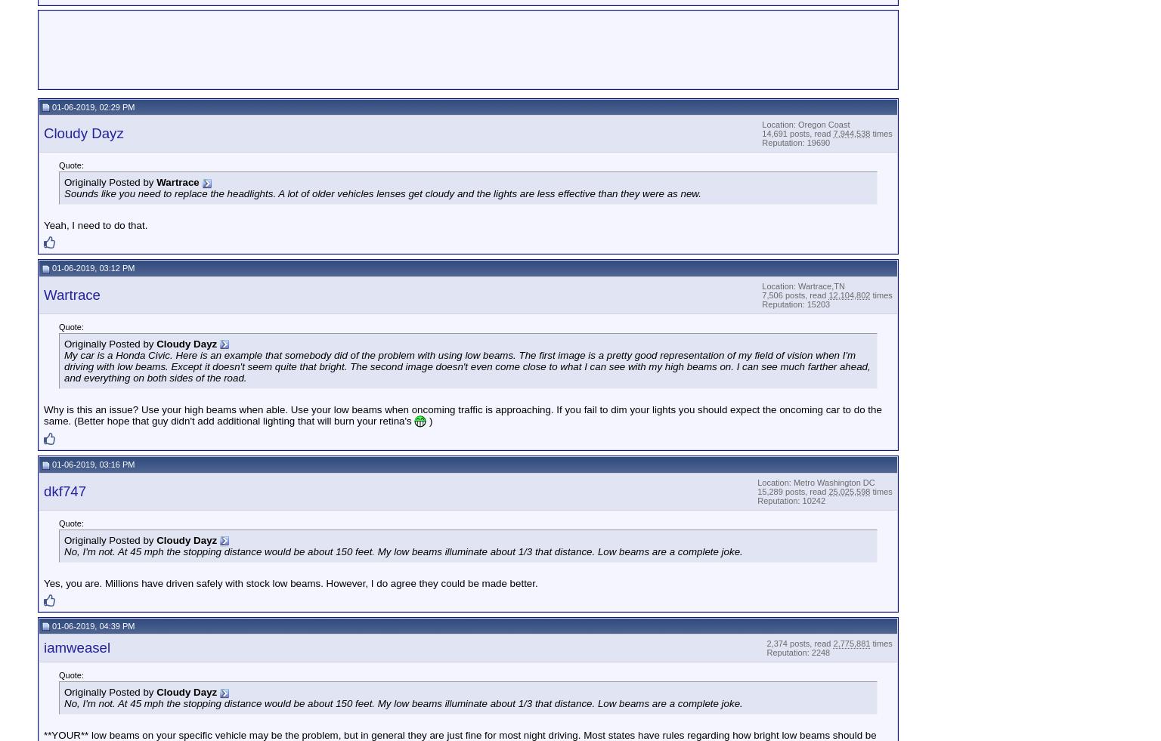 This screenshot has width=1161, height=741. I want to click on 'dkf747', so click(65, 490).